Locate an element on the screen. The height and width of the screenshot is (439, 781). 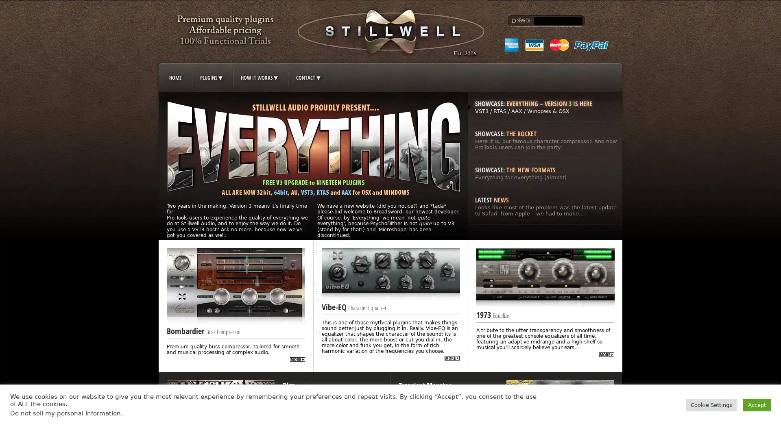
Search is located at coordinates (519, 20).